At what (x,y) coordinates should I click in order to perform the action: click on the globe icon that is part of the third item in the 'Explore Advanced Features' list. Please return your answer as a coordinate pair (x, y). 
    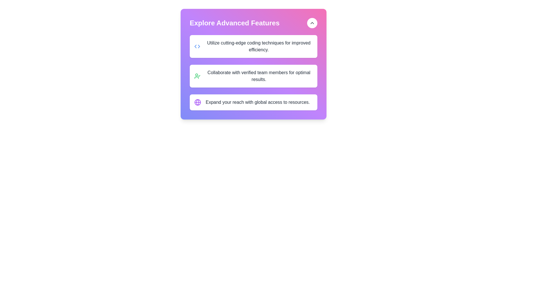
    Looking at the image, I should click on (198, 102).